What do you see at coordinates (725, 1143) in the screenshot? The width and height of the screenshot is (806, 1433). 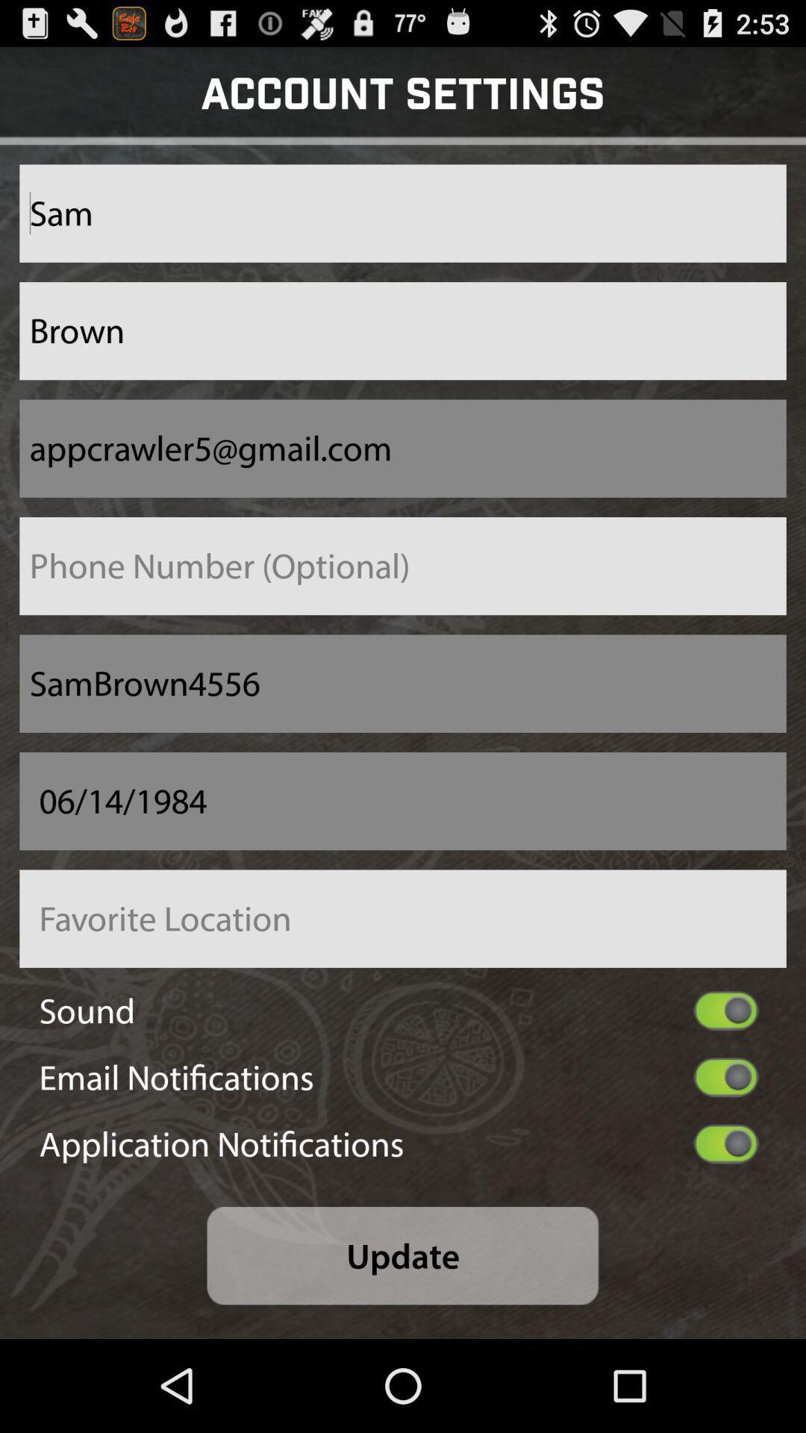 I see `application notifications option` at bounding box center [725, 1143].